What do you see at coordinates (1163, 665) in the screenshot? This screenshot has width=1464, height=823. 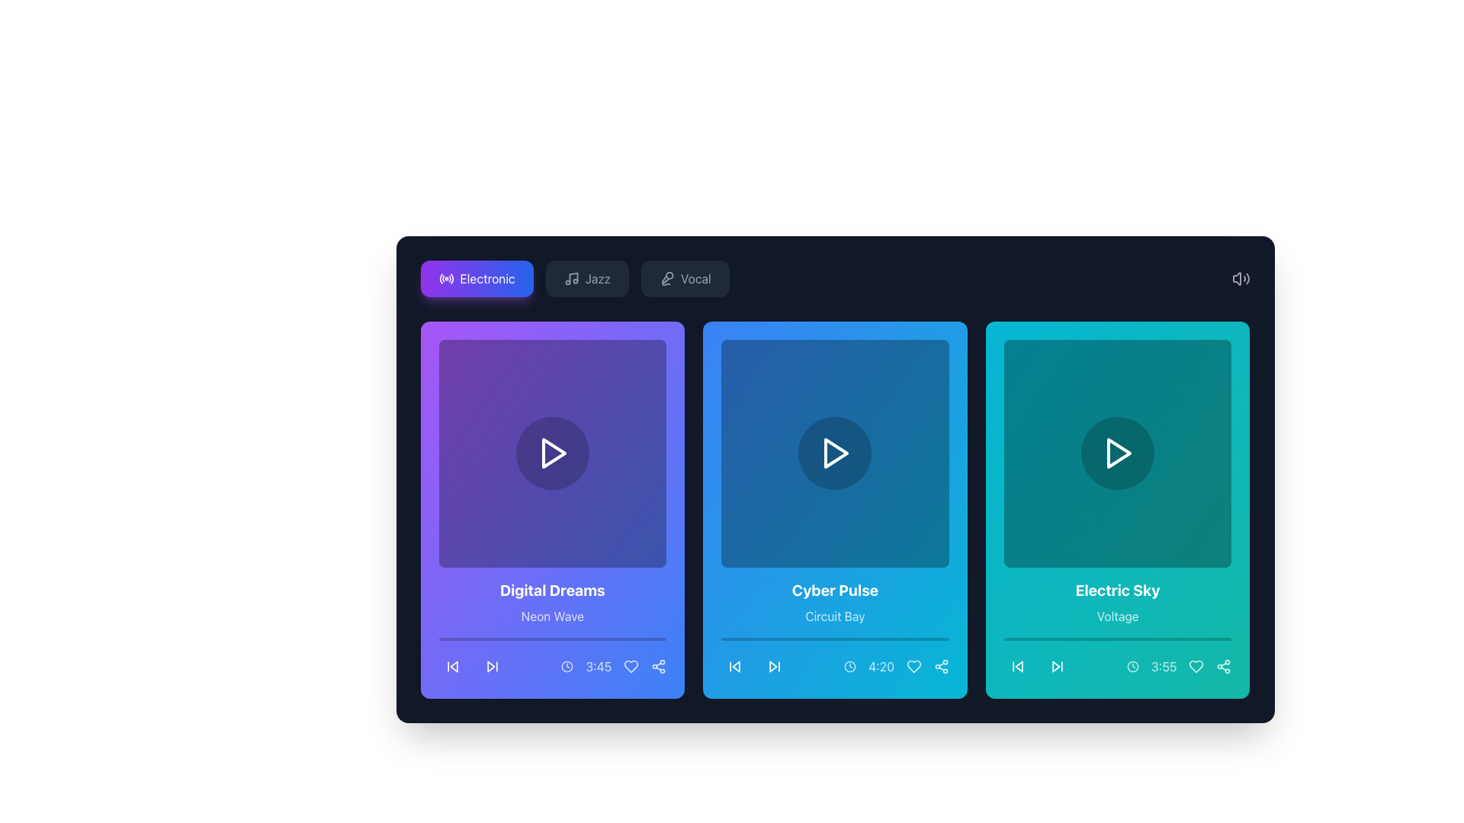 I see `the text label displaying '3:55' in white font located at the bottom right of the 'Electric Sky' card` at bounding box center [1163, 665].